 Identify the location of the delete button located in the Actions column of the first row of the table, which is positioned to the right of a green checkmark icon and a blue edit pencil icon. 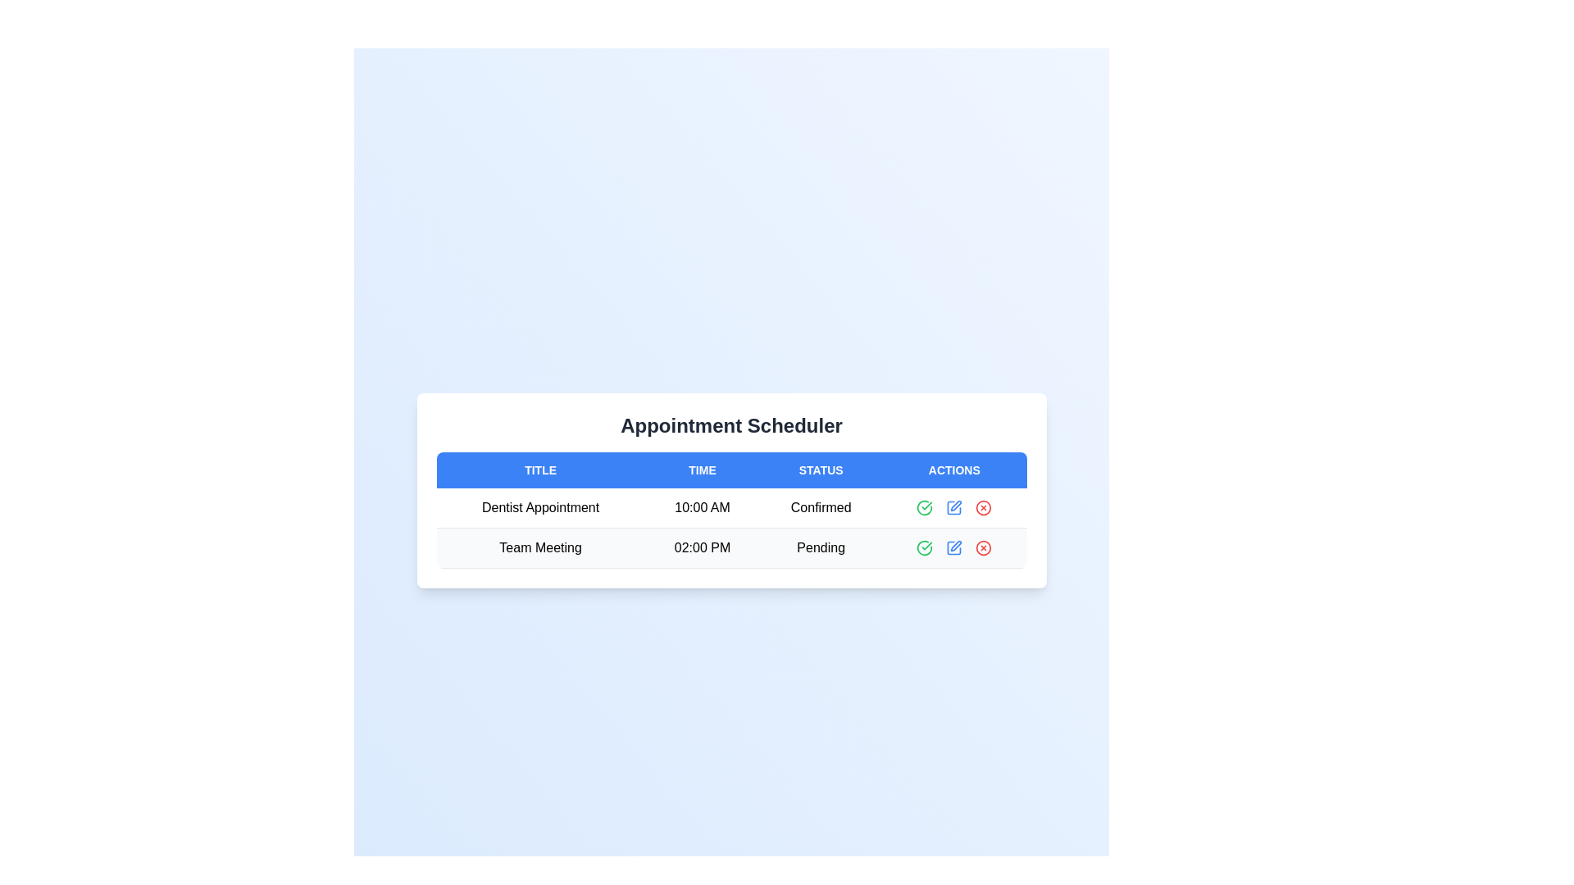
(984, 507).